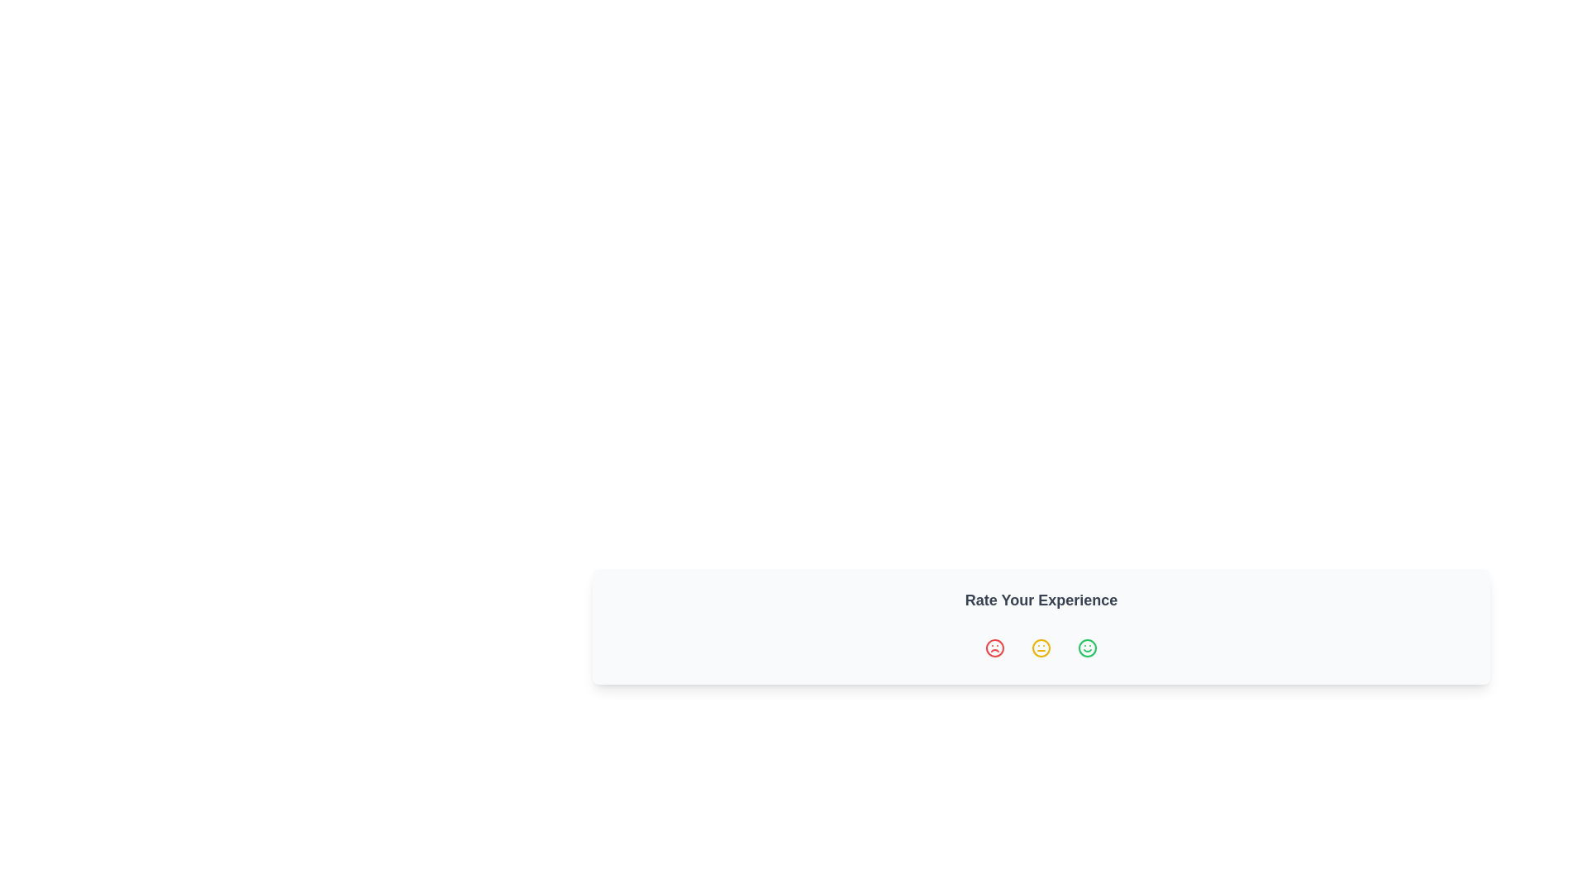  What do you see at coordinates (994, 648) in the screenshot?
I see `the red frown icon button, which is the first in a row of three icons` at bounding box center [994, 648].